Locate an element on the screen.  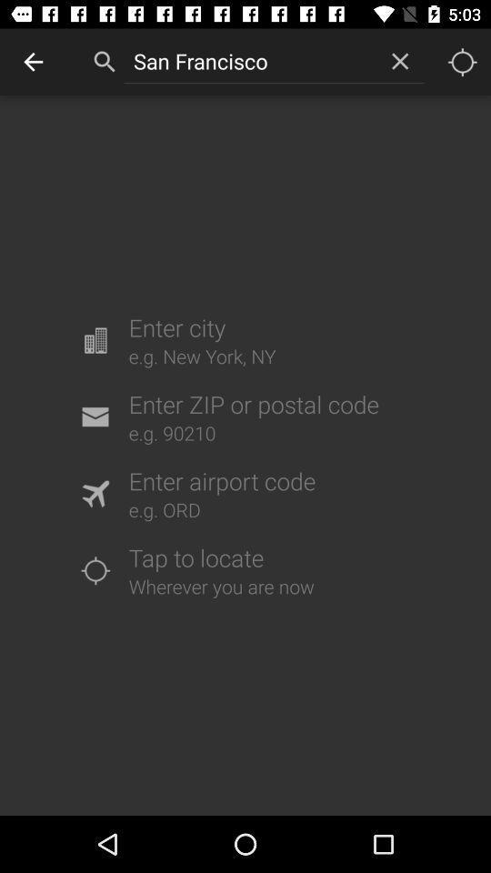
the close button on the web page is located at coordinates (400, 61).